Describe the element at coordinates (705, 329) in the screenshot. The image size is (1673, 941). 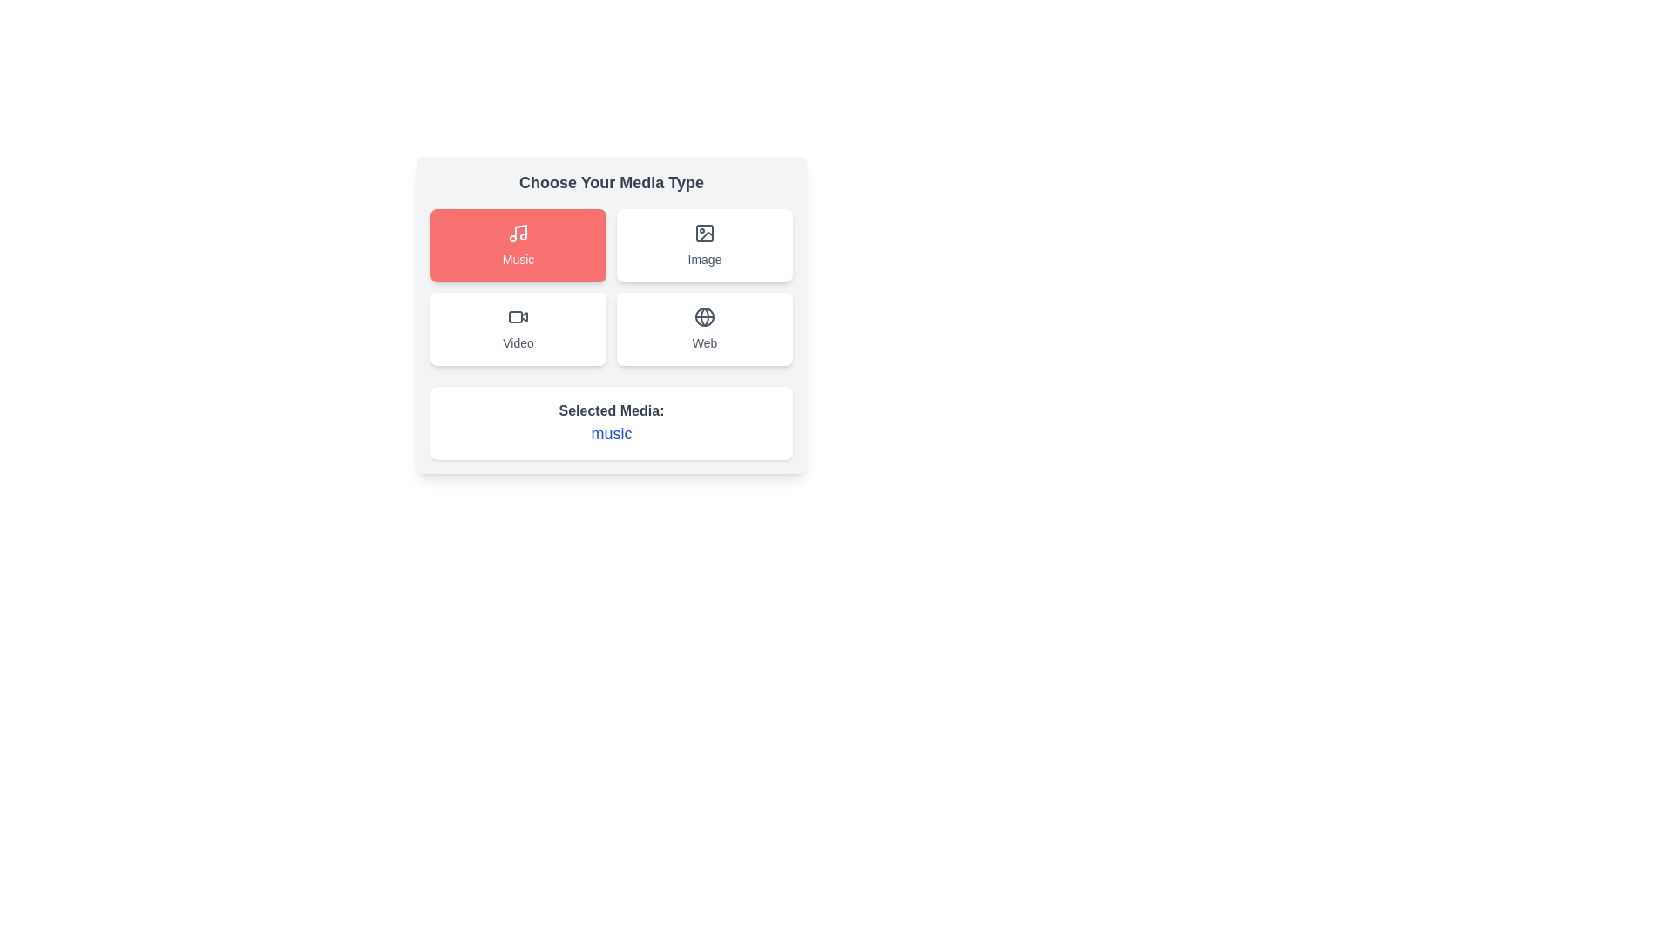
I see `the media option labeled Web` at that location.